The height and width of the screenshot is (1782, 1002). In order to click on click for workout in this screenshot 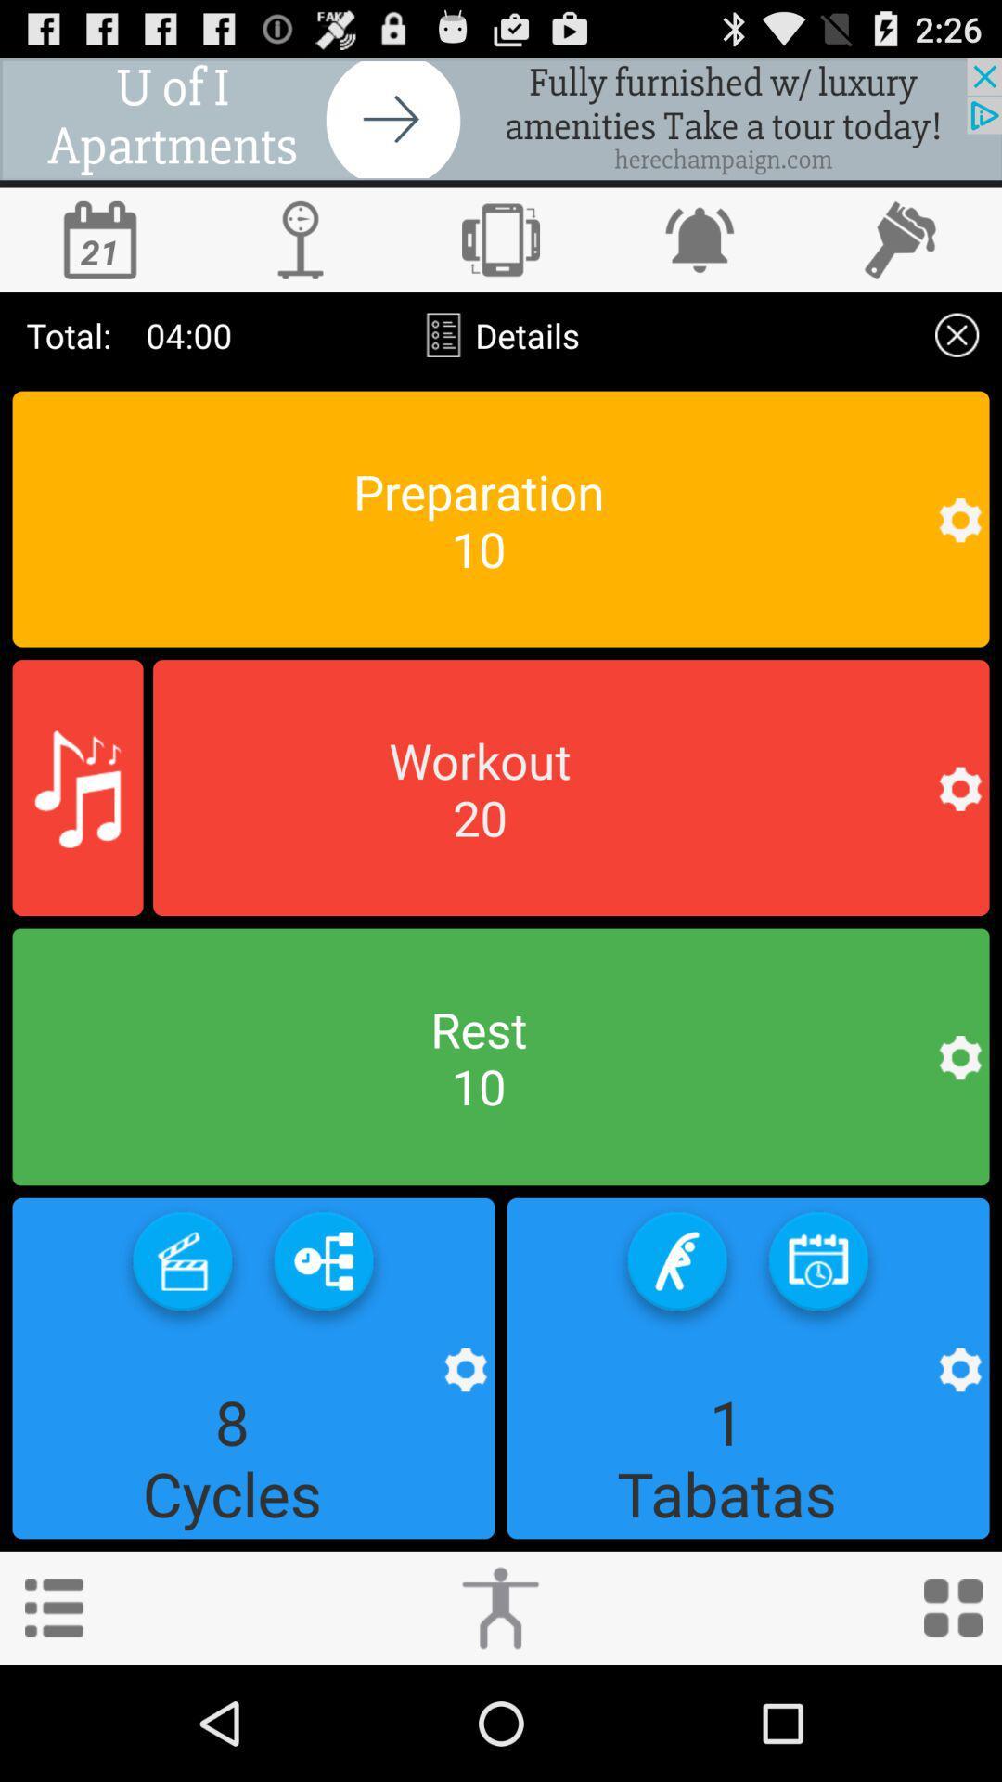, I will do `click(499, 1607)`.